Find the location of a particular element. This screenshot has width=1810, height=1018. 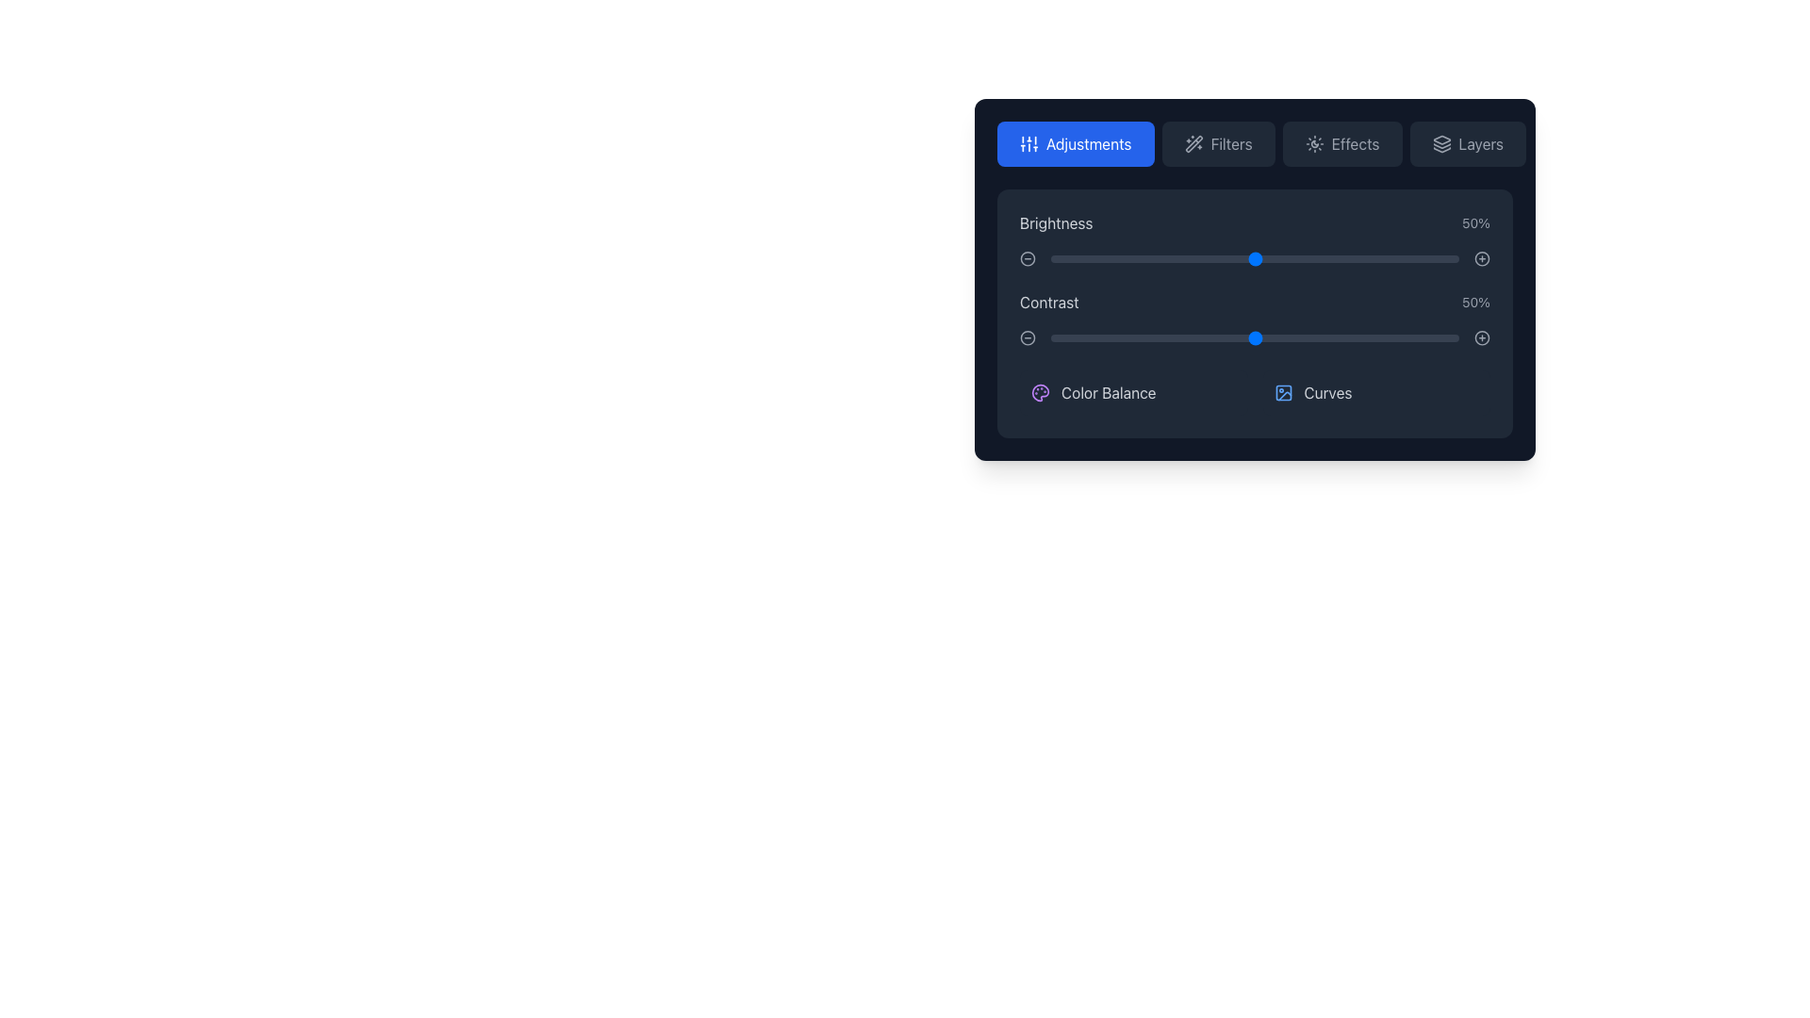

the brightness percentage display text, which indicates the current brightness level set to 50%, located in the top-right portion of the interface is located at coordinates (1474, 222).